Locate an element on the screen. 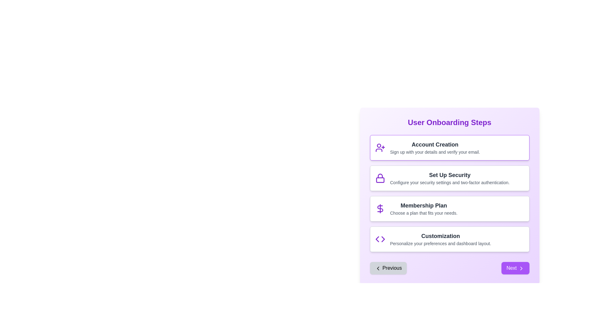 The width and height of the screenshot is (598, 336). the 'Account Creation' icon located in the top-left corner of the 'Account Creation' card is located at coordinates (380, 147).